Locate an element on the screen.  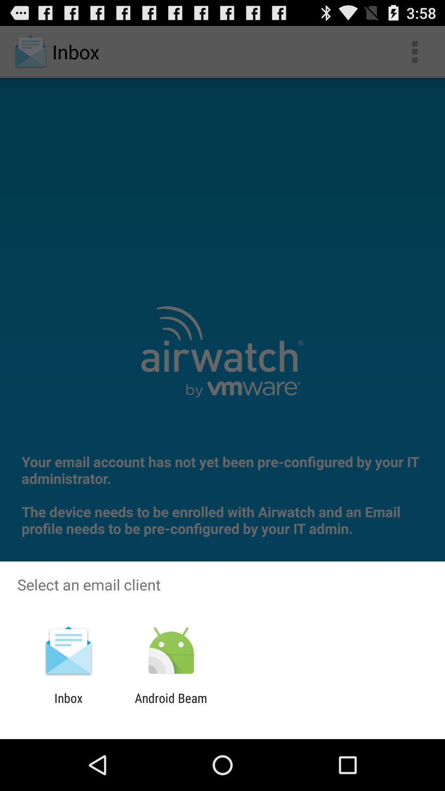
the android beam is located at coordinates (171, 705).